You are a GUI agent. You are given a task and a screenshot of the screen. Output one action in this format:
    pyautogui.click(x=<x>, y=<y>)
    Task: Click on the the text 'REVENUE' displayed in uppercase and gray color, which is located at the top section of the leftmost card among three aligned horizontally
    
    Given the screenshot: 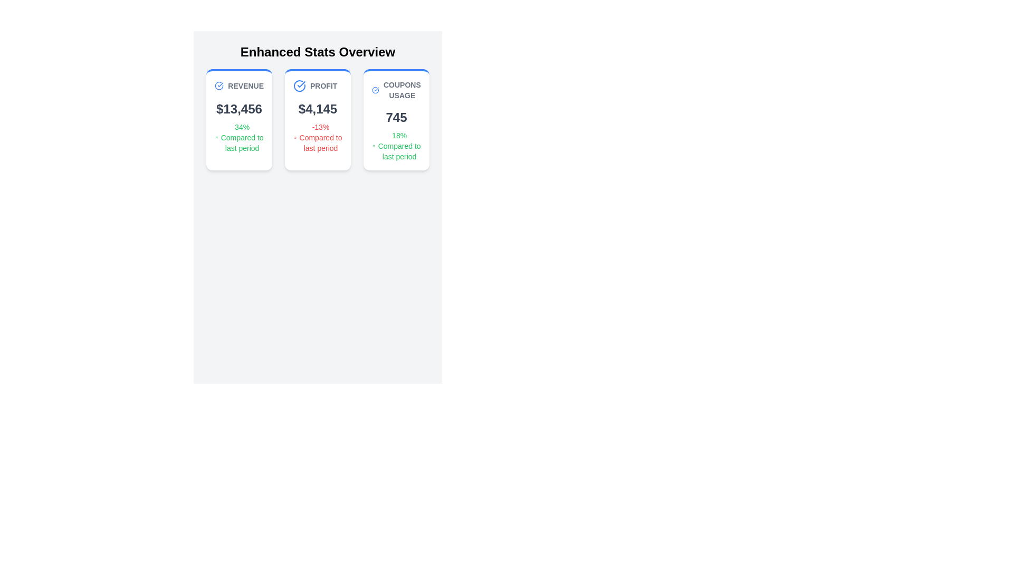 What is the action you would take?
    pyautogui.click(x=238, y=85)
    